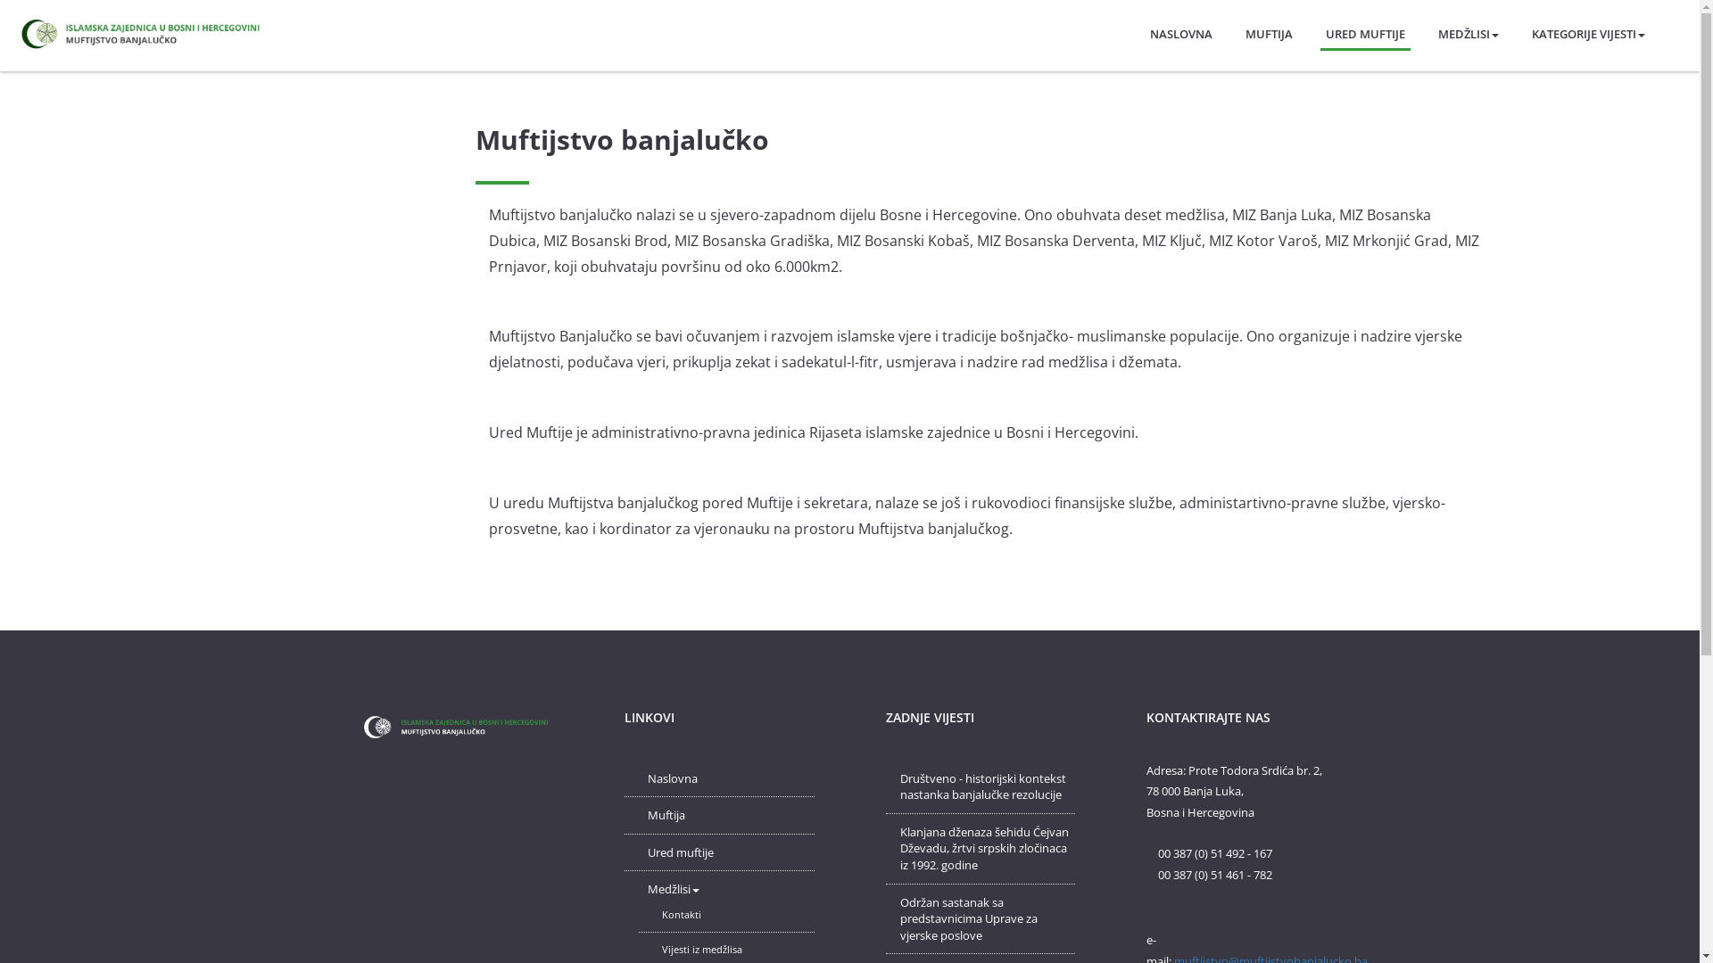  Describe the element at coordinates (680, 852) in the screenshot. I see `'Ured muftije'` at that location.